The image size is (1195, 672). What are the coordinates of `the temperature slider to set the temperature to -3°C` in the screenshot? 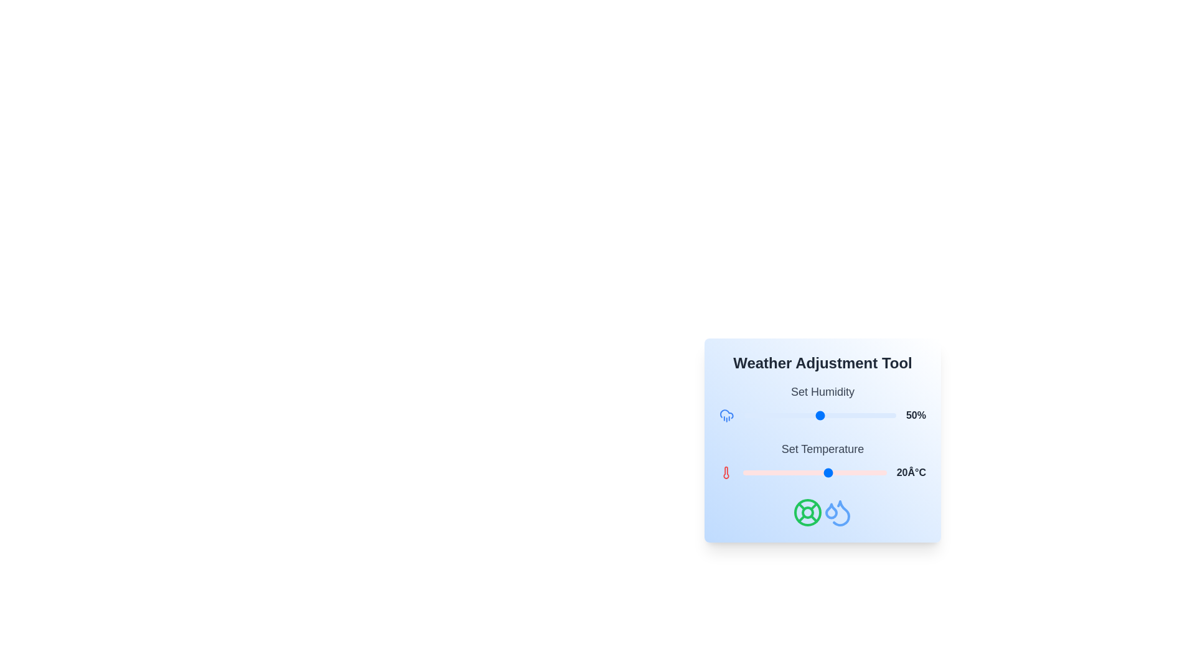 It's located at (762, 472).